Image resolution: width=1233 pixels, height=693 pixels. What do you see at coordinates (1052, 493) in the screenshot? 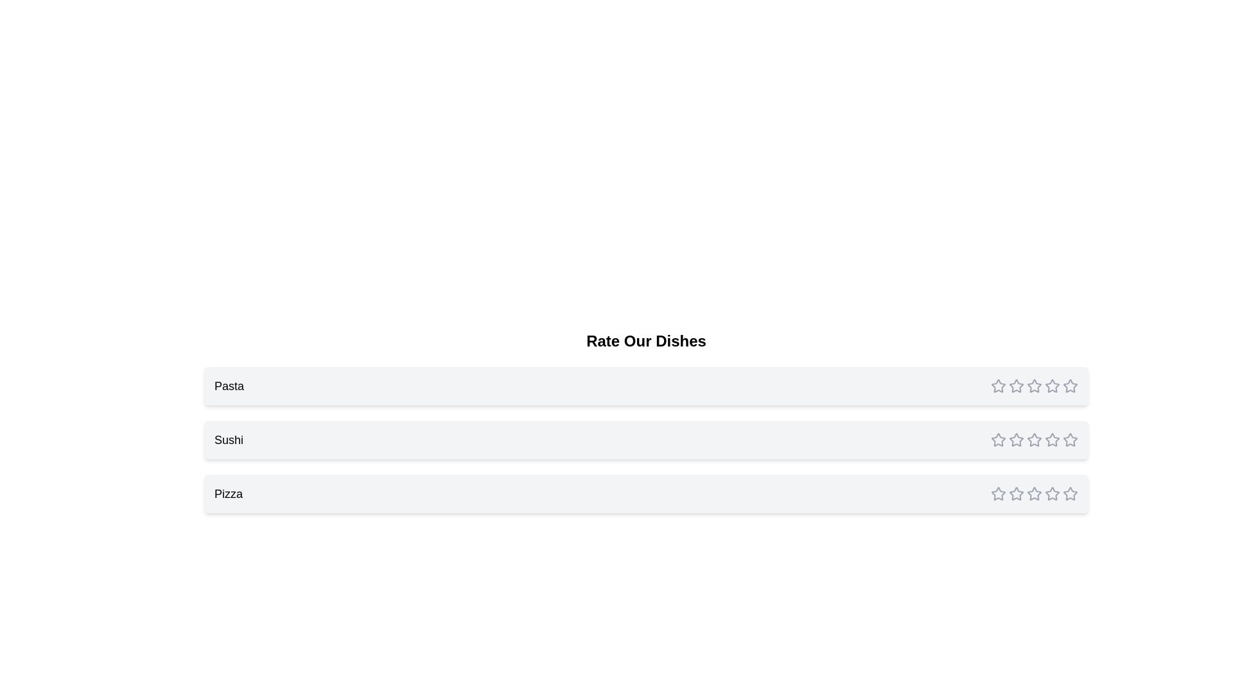
I see `the fifth star icon to rate the pizza item` at bounding box center [1052, 493].